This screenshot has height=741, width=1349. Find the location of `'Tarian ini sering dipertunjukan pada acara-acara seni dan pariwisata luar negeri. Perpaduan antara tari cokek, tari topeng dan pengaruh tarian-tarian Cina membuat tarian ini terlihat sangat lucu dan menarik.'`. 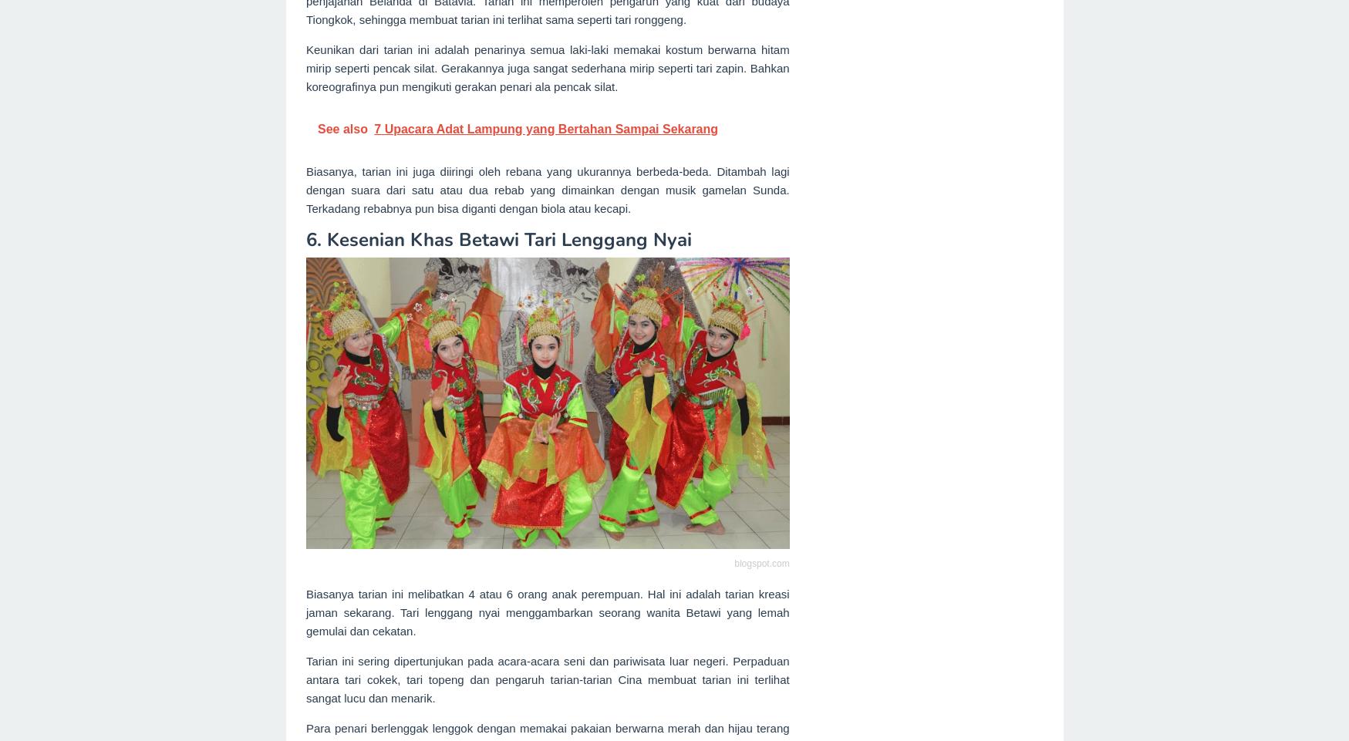

'Tarian ini sering dipertunjukan pada acara-acara seni dan pariwisata luar negeri. Perpaduan antara tari cokek, tari topeng dan pengaruh tarian-tarian Cina membuat tarian ini terlihat sangat lucu dan menarik.' is located at coordinates (546, 679).